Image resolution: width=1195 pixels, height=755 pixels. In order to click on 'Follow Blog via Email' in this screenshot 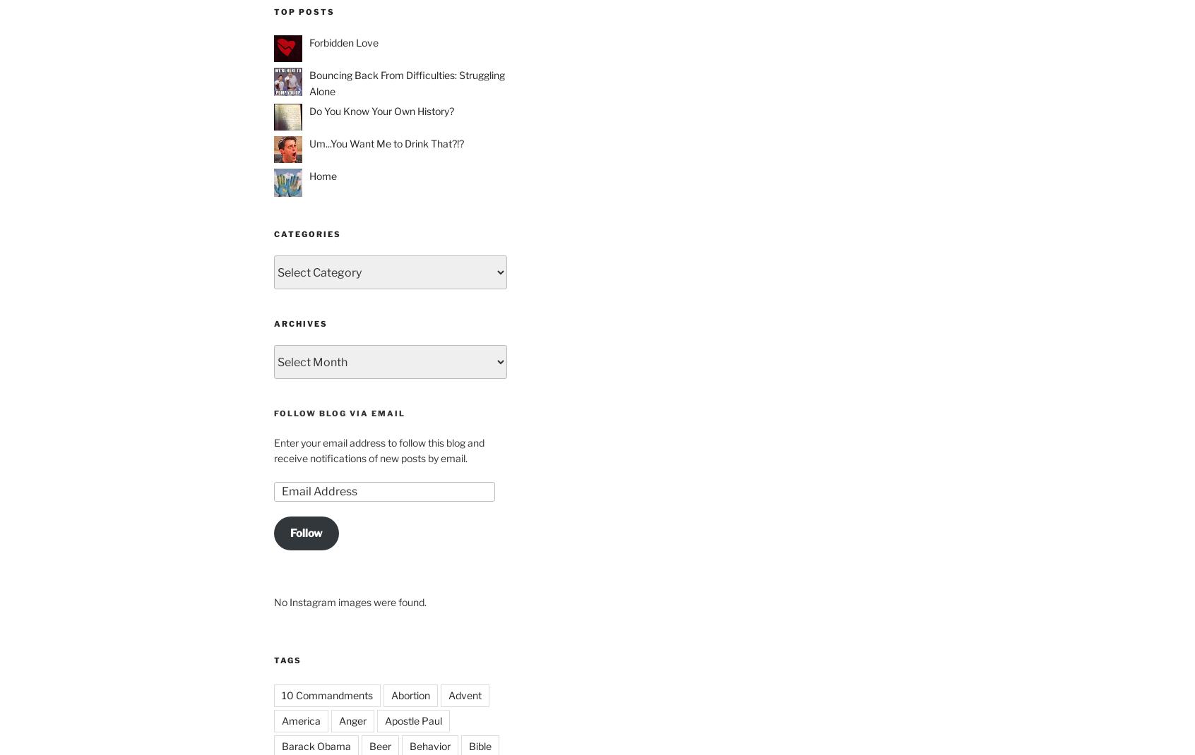, I will do `click(339, 413)`.